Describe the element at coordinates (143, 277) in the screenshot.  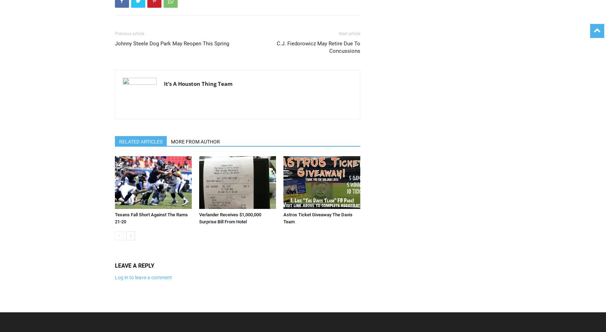
I see `'Log in to leave a comment'` at that location.